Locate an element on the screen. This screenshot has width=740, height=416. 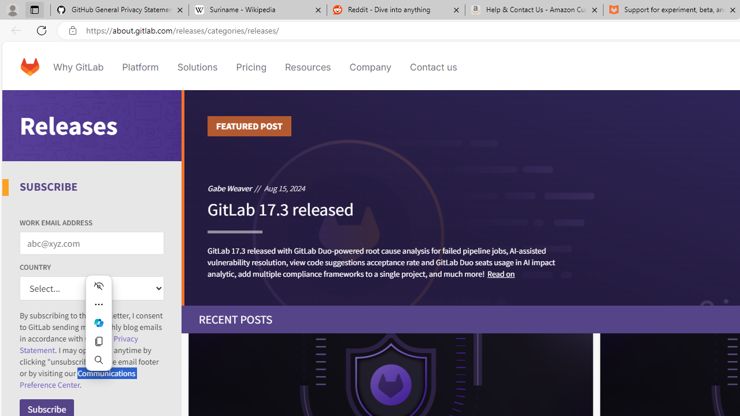
'Help & Contact Us - Amazon Customer Service - Sleeping' is located at coordinates (534, 10).